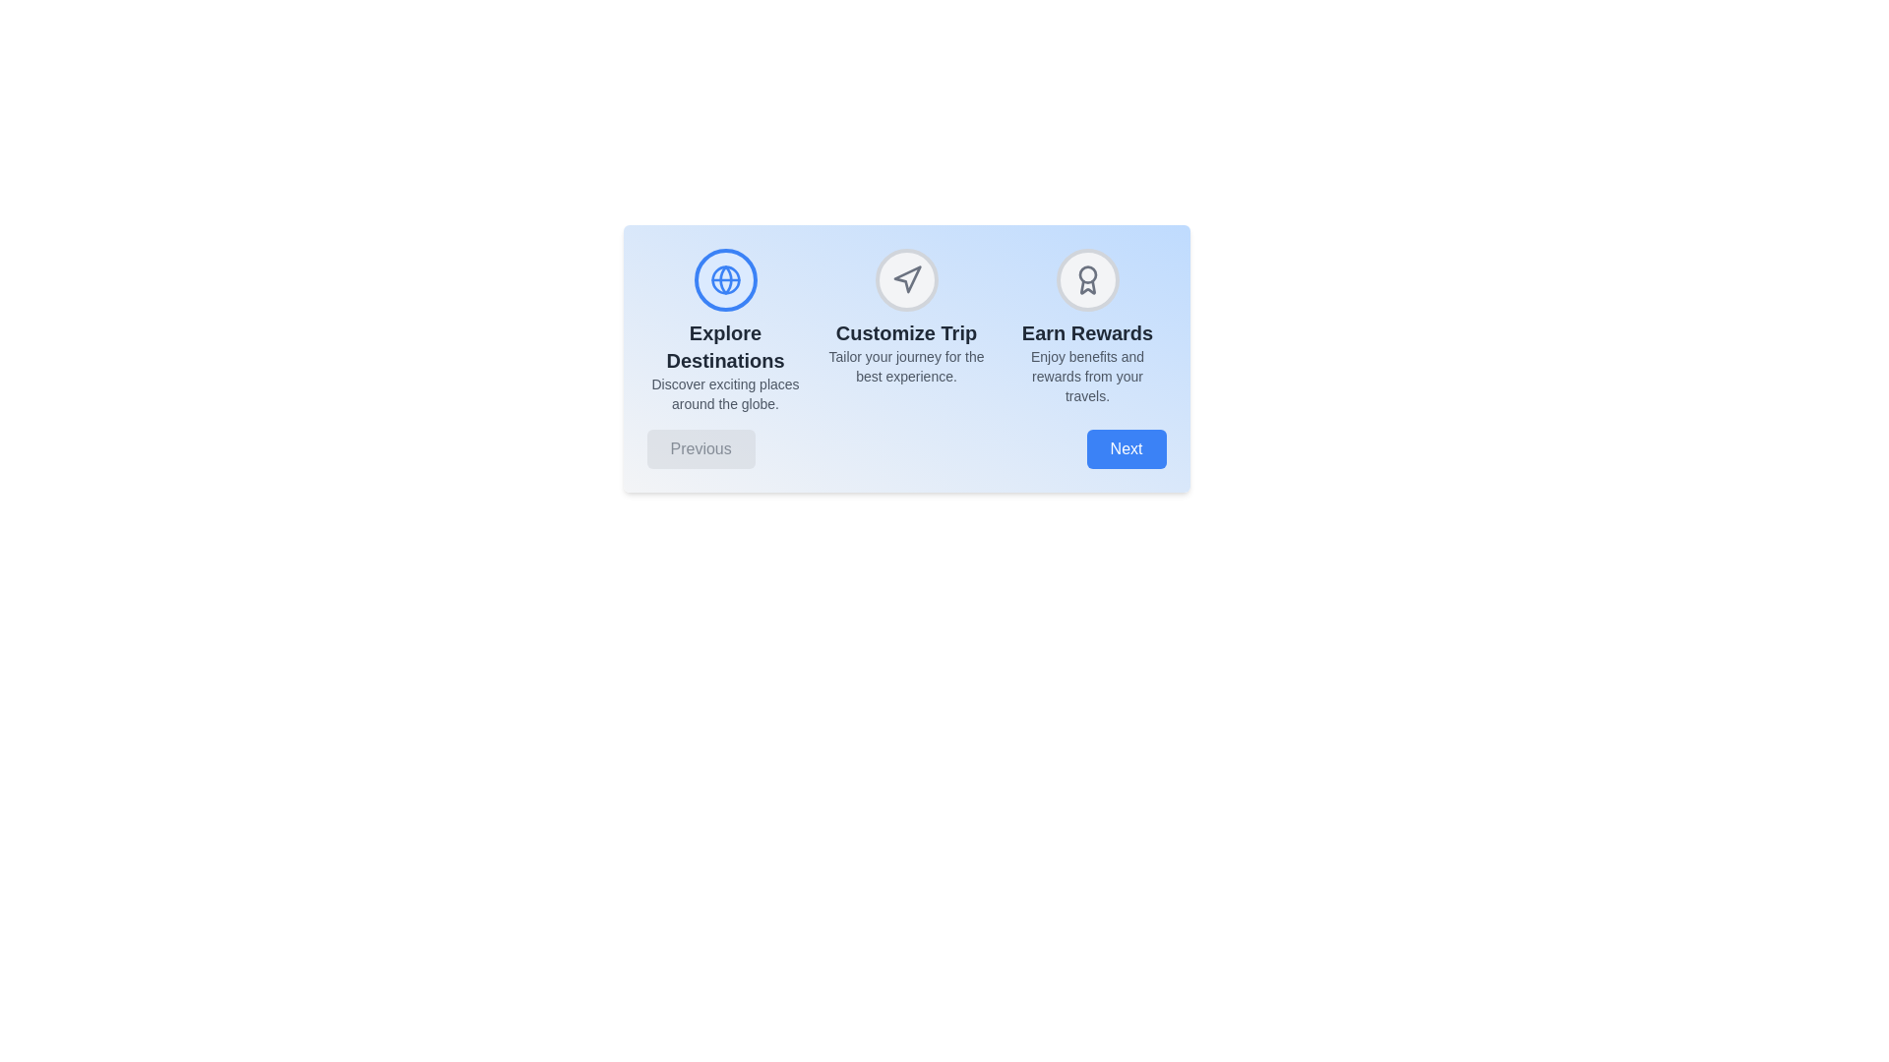  What do you see at coordinates (905, 280) in the screenshot?
I see `the icon representing the Customize Trip step to activate it` at bounding box center [905, 280].